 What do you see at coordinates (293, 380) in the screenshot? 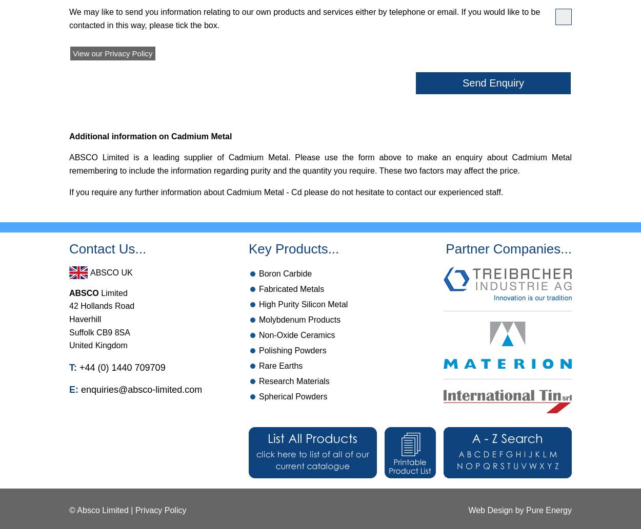
I see `'Research Materials'` at bounding box center [293, 380].